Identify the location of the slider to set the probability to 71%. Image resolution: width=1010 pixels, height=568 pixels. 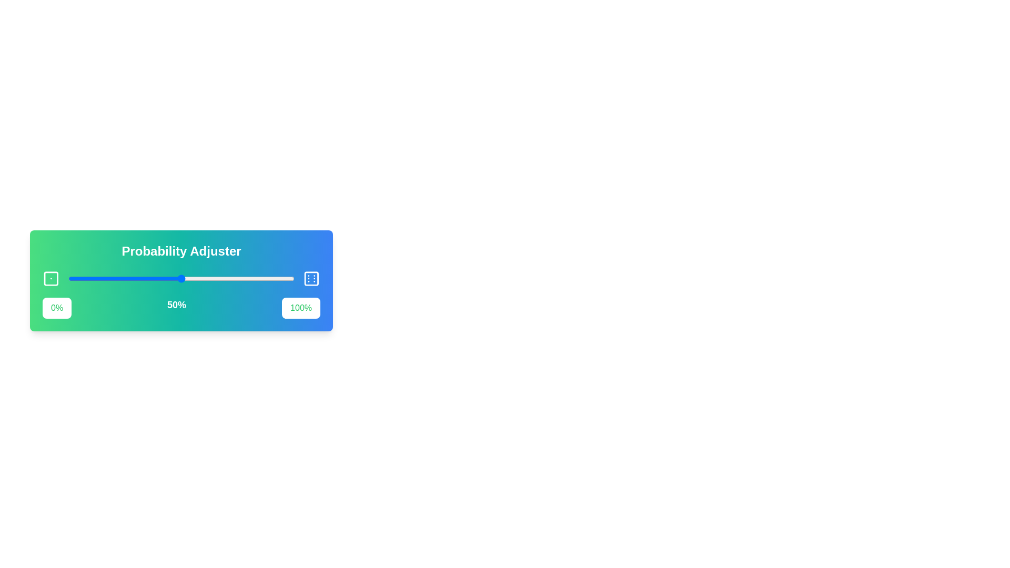
(228, 278).